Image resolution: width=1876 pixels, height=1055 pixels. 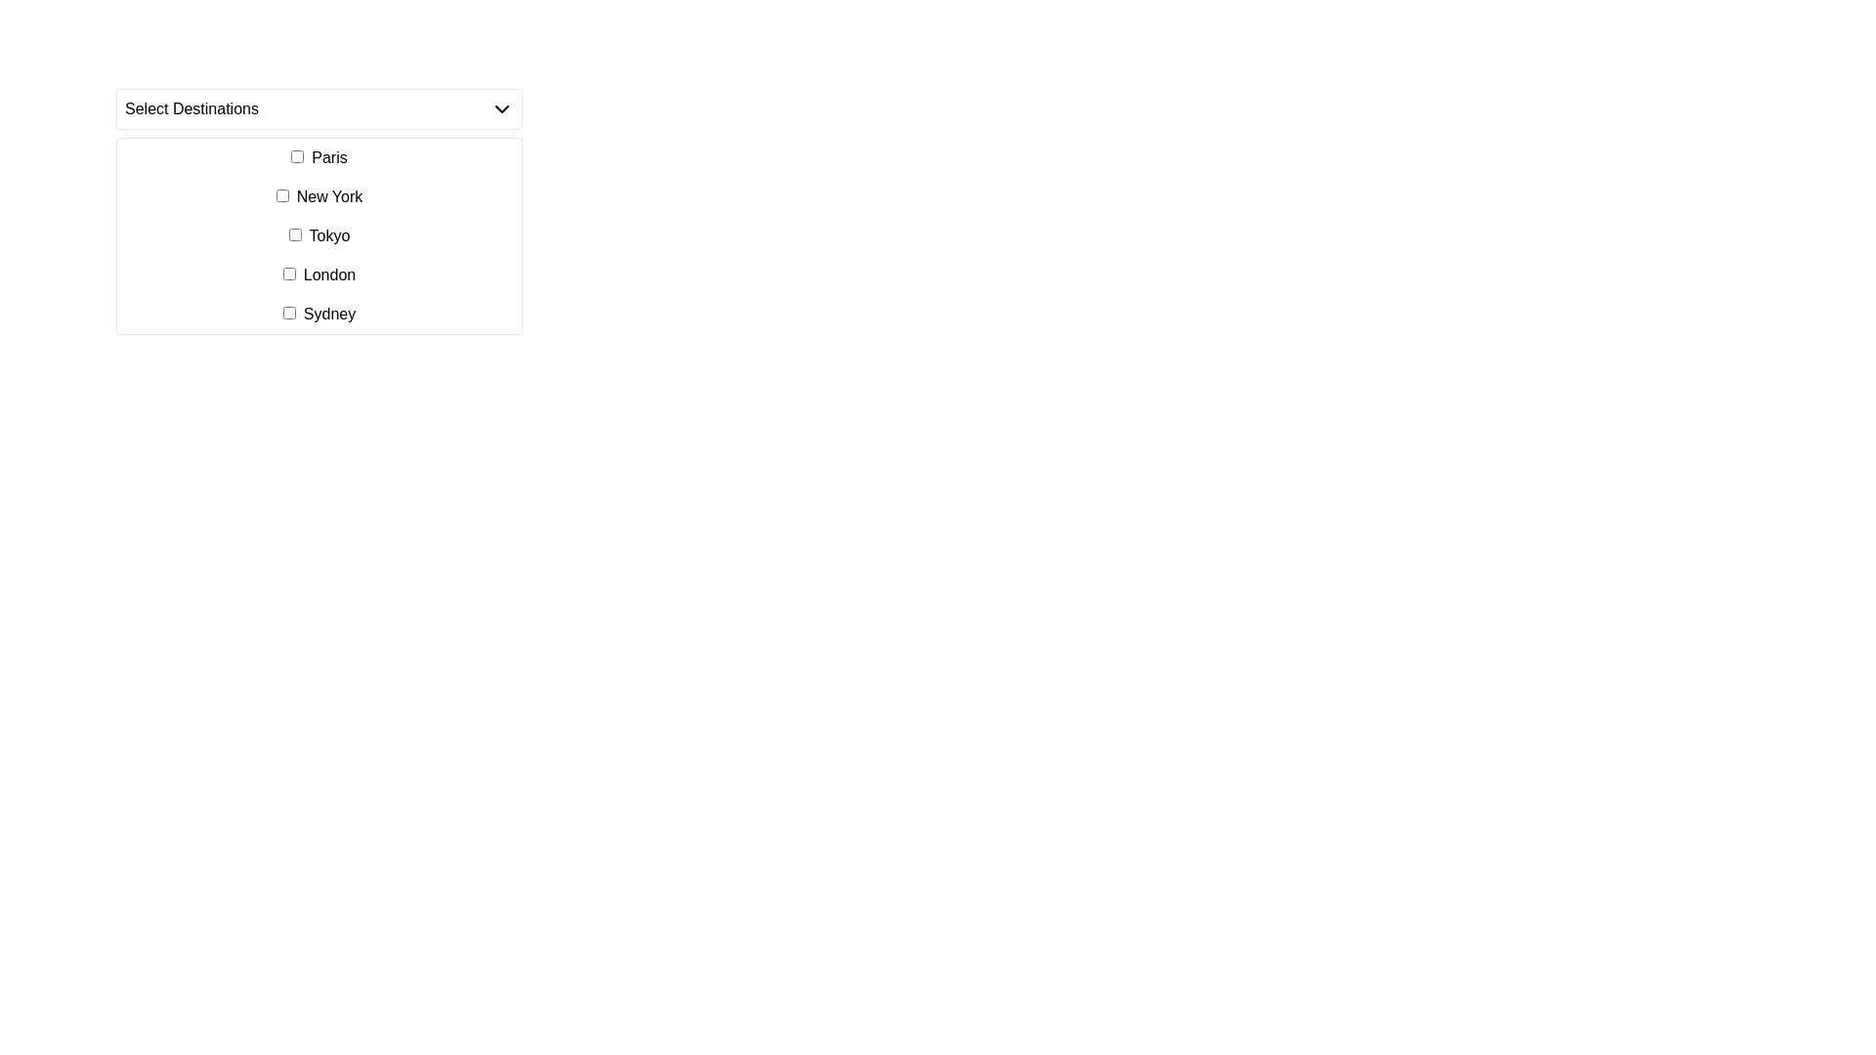 What do you see at coordinates (288, 312) in the screenshot?
I see `the checkbox for 'Sydney', which is located to the left of the label text in the dropdown menu under 'Select Destinations'` at bounding box center [288, 312].